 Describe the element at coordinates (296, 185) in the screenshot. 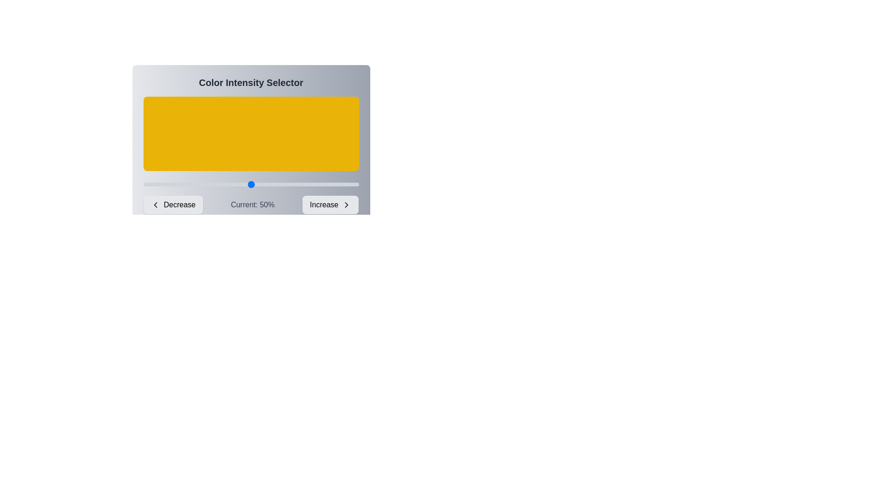

I see `color intensity` at that location.